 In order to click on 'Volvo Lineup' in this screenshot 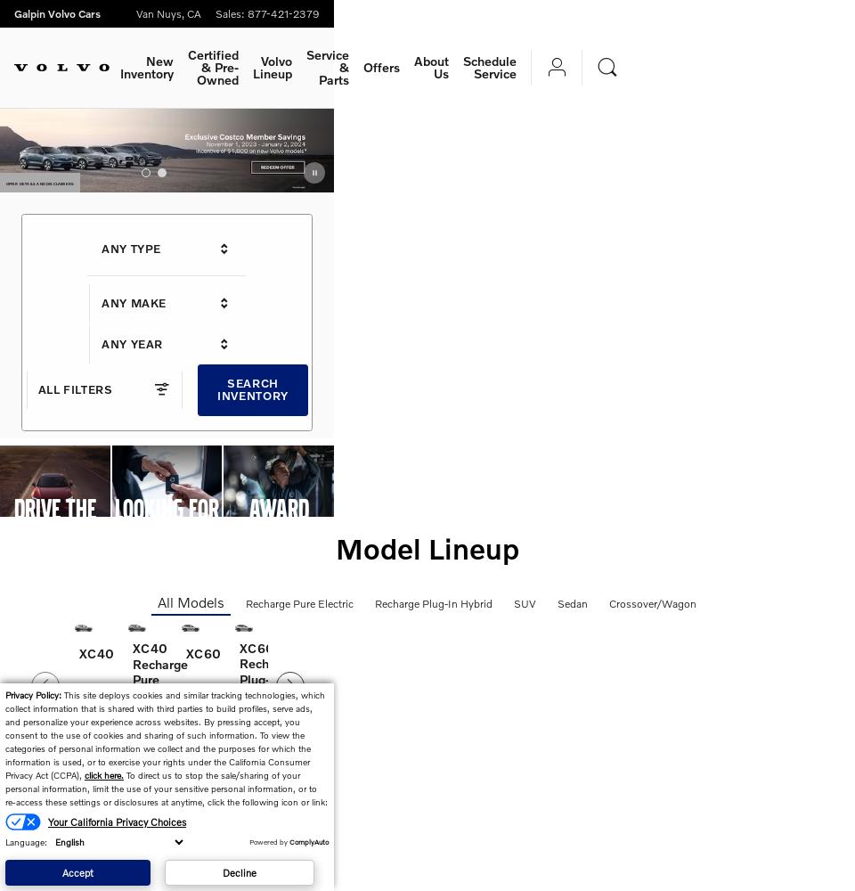, I will do `click(251, 66)`.